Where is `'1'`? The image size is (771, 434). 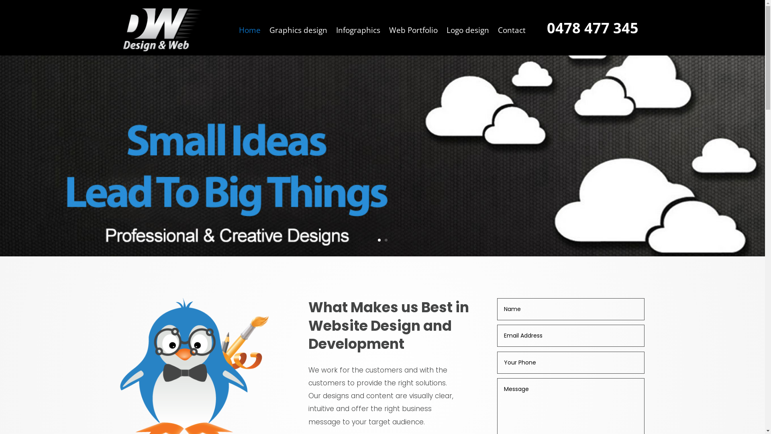 '1' is located at coordinates (378, 240).